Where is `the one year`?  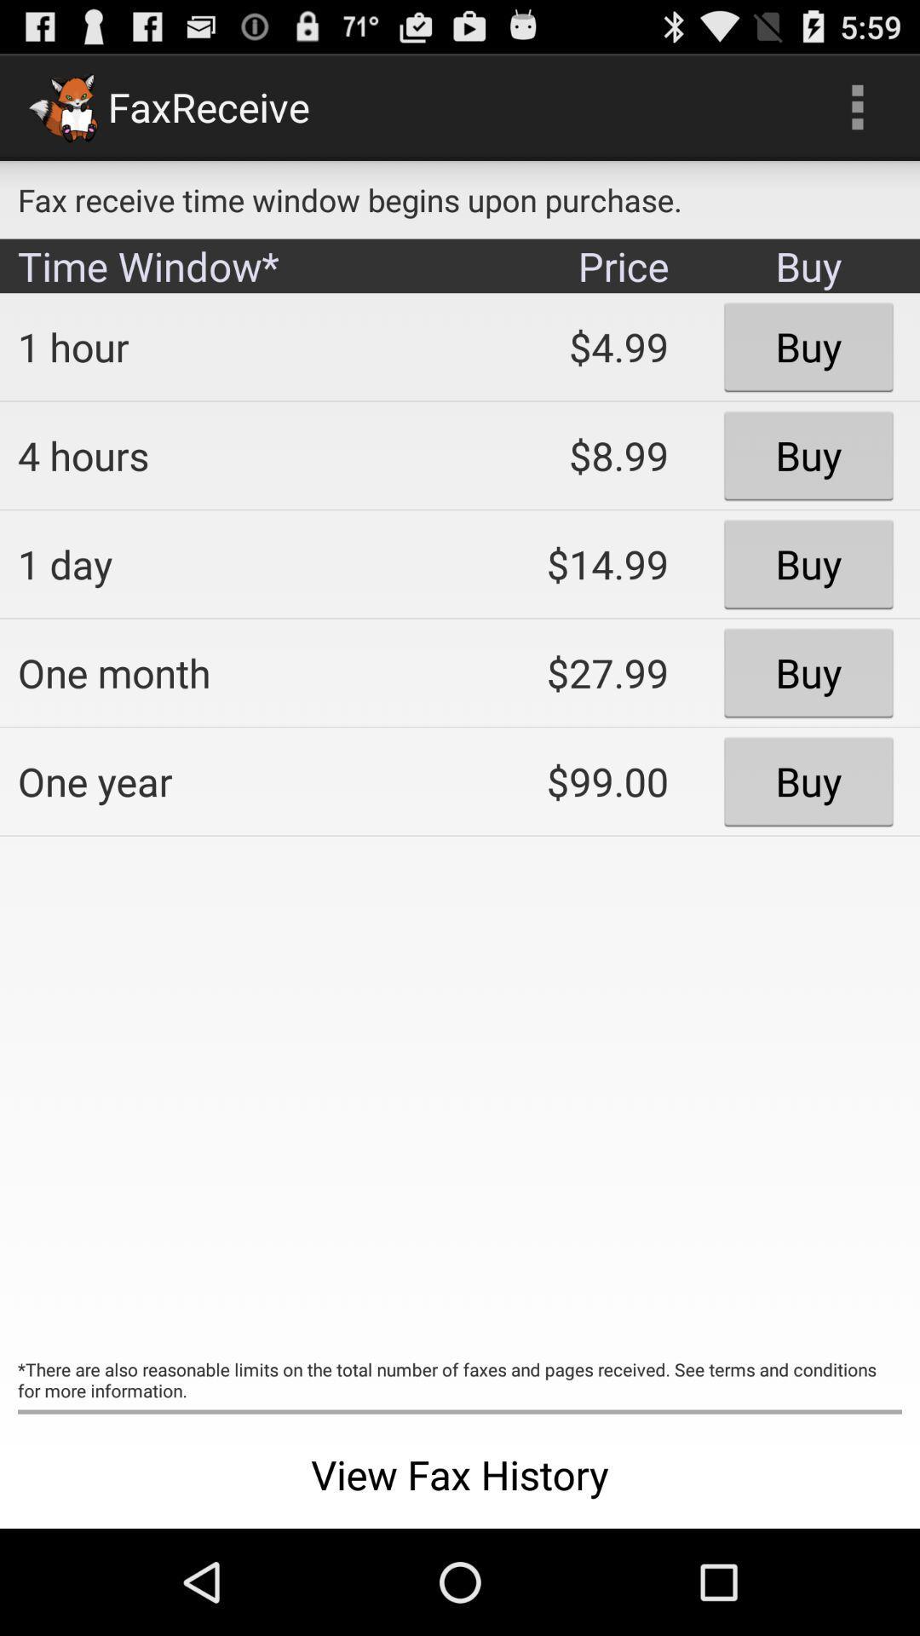
the one year is located at coordinates (226, 781).